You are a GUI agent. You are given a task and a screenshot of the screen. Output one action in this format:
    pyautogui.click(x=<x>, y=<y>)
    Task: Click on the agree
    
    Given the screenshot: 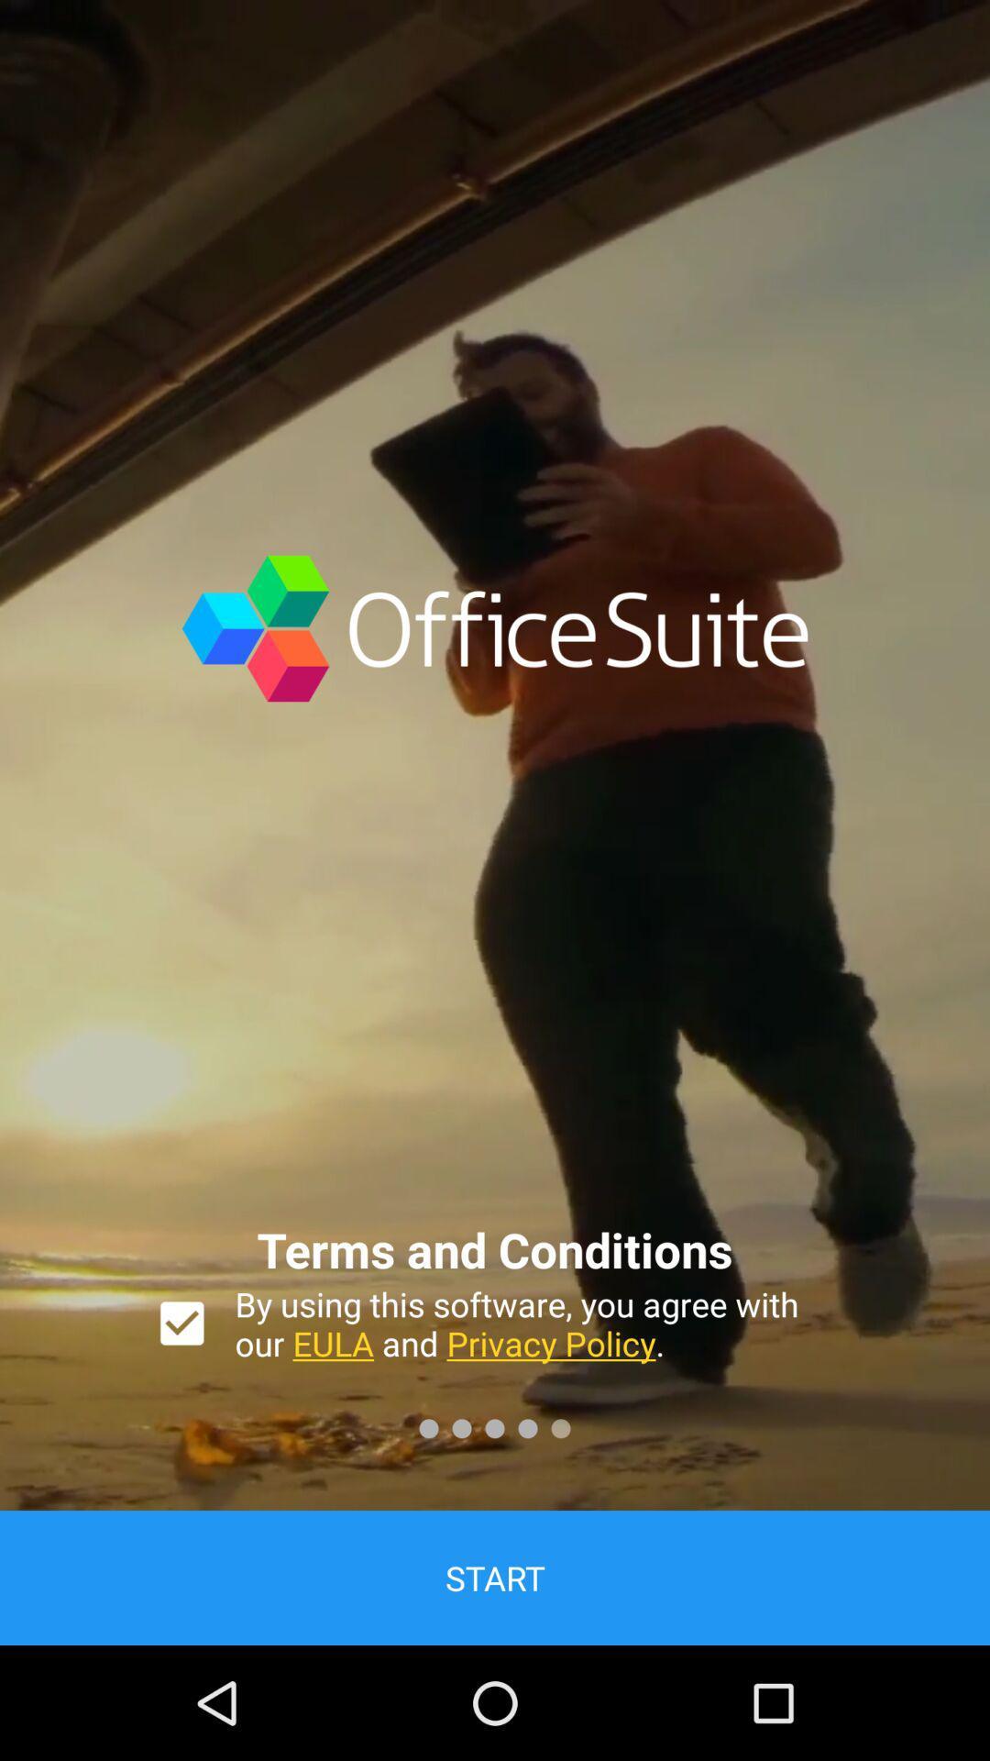 What is the action you would take?
    pyautogui.click(x=181, y=1324)
    